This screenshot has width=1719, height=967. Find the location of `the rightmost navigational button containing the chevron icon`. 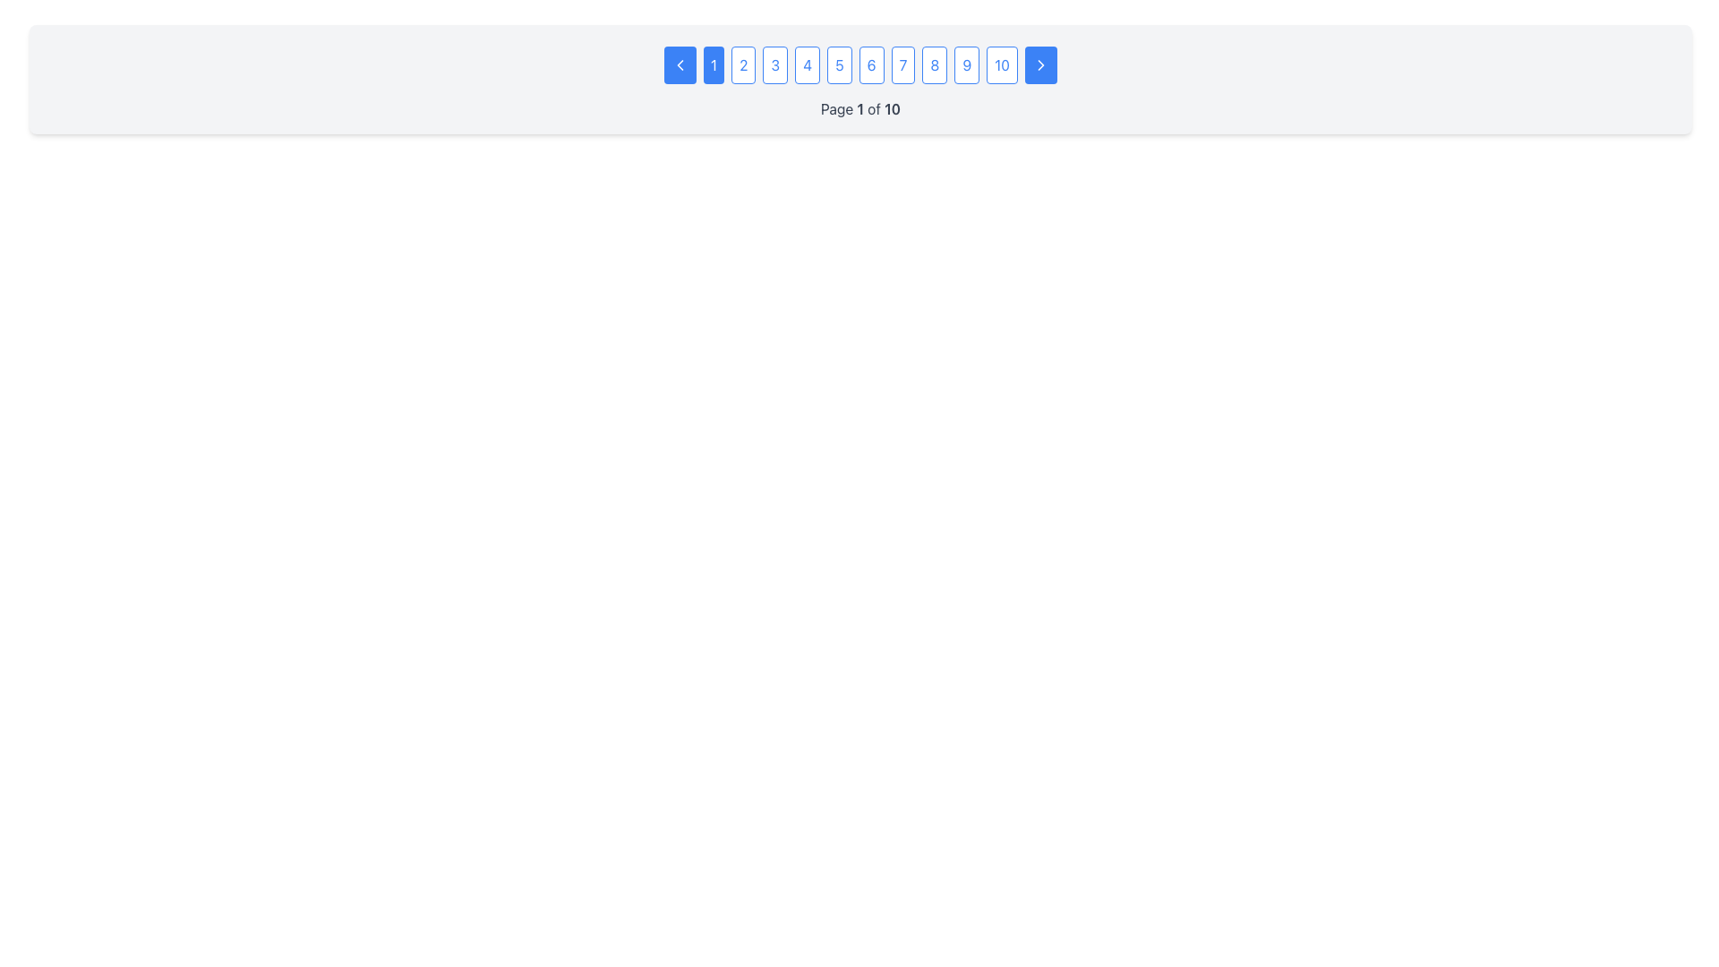

the rightmost navigational button containing the chevron icon is located at coordinates (1040, 64).